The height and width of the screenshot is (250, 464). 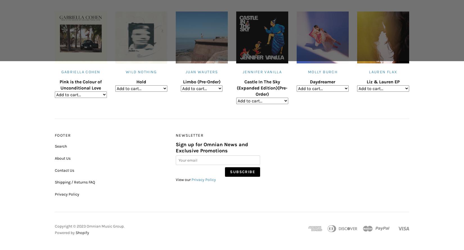 I want to click on 'Juan Wauters', so click(x=201, y=72).